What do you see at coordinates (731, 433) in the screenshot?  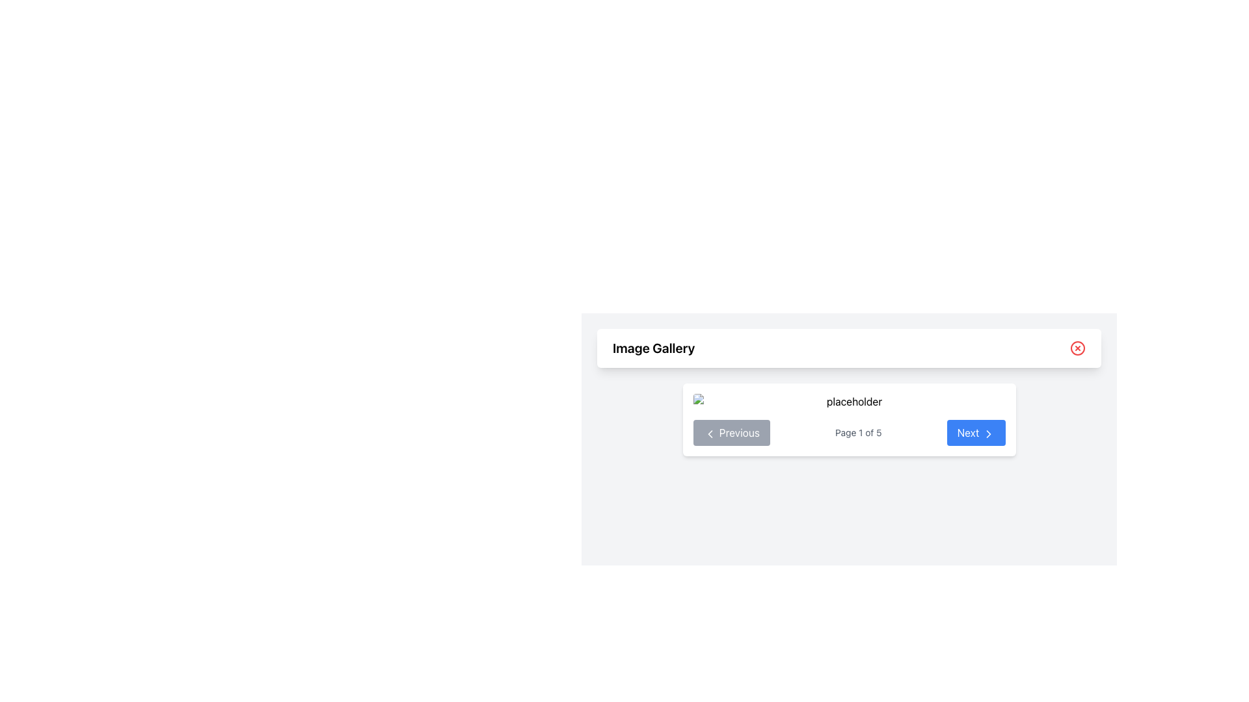 I see `the 'Previous' button with a blue background and white text` at bounding box center [731, 433].